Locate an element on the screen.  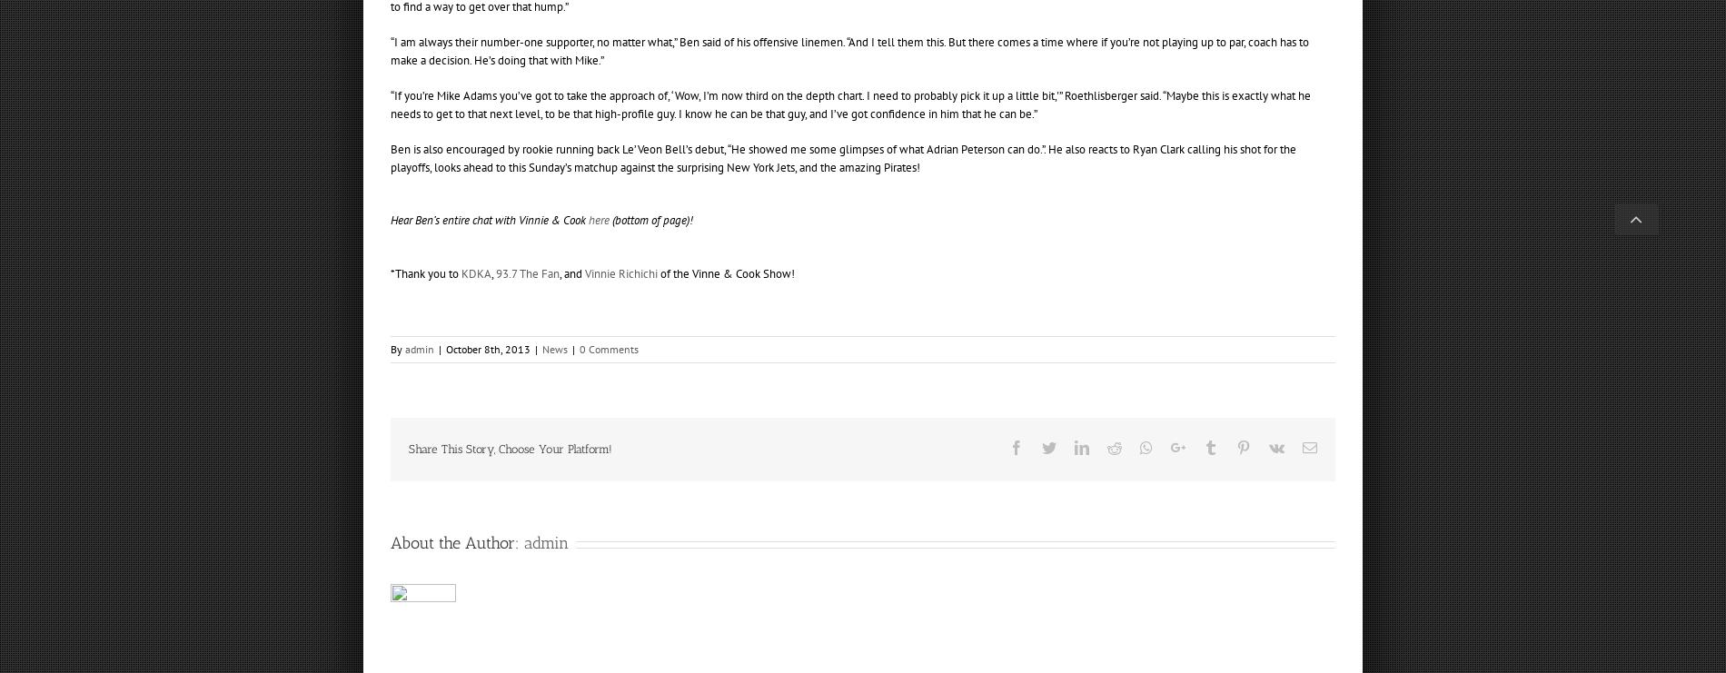
'Vinnie Richichi' is located at coordinates (584, 272).